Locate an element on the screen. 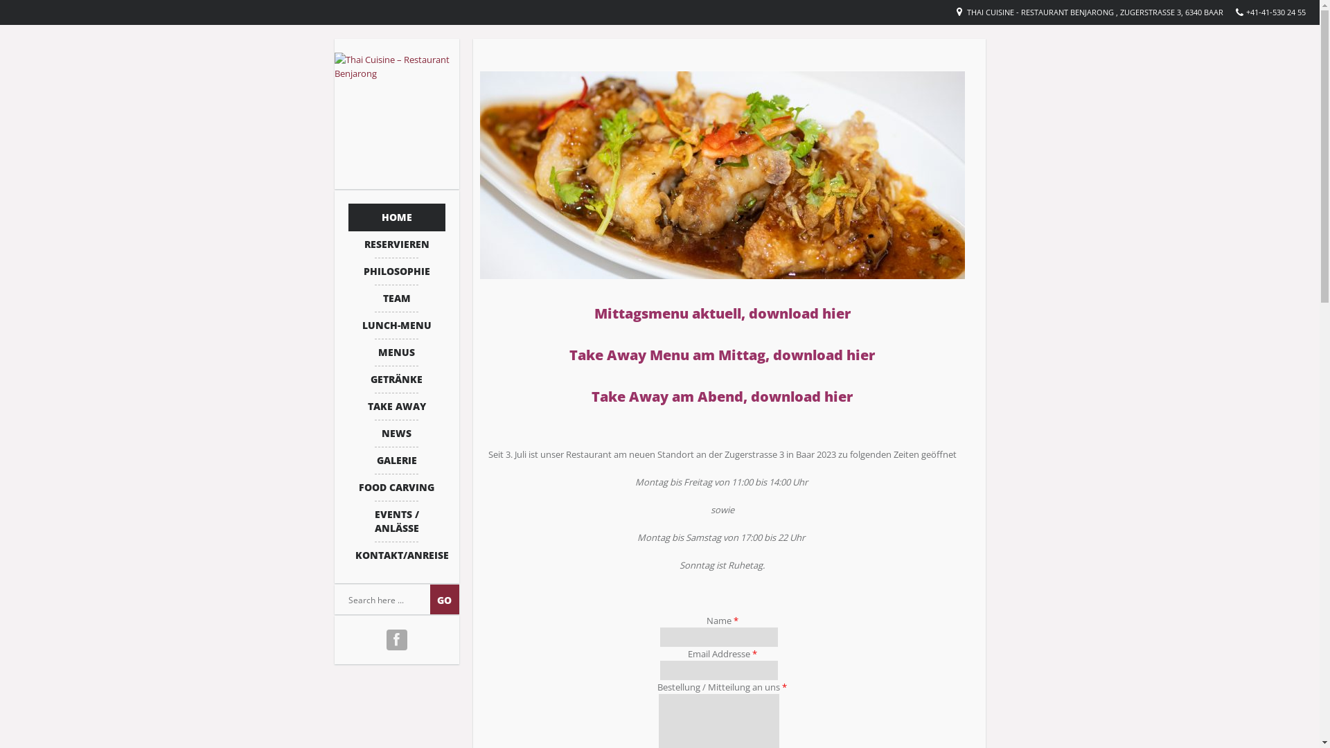 The image size is (1330, 748). 'MENUS' is located at coordinates (348, 352).